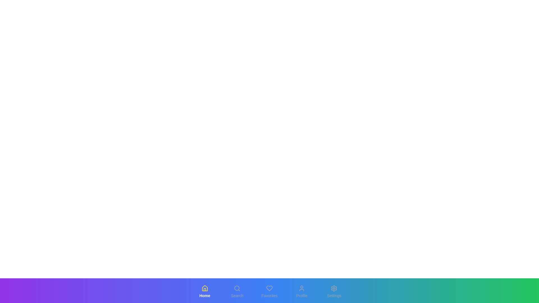 Image resolution: width=539 pixels, height=303 pixels. What do you see at coordinates (204, 291) in the screenshot?
I see `the button labeled Home` at bounding box center [204, 291].